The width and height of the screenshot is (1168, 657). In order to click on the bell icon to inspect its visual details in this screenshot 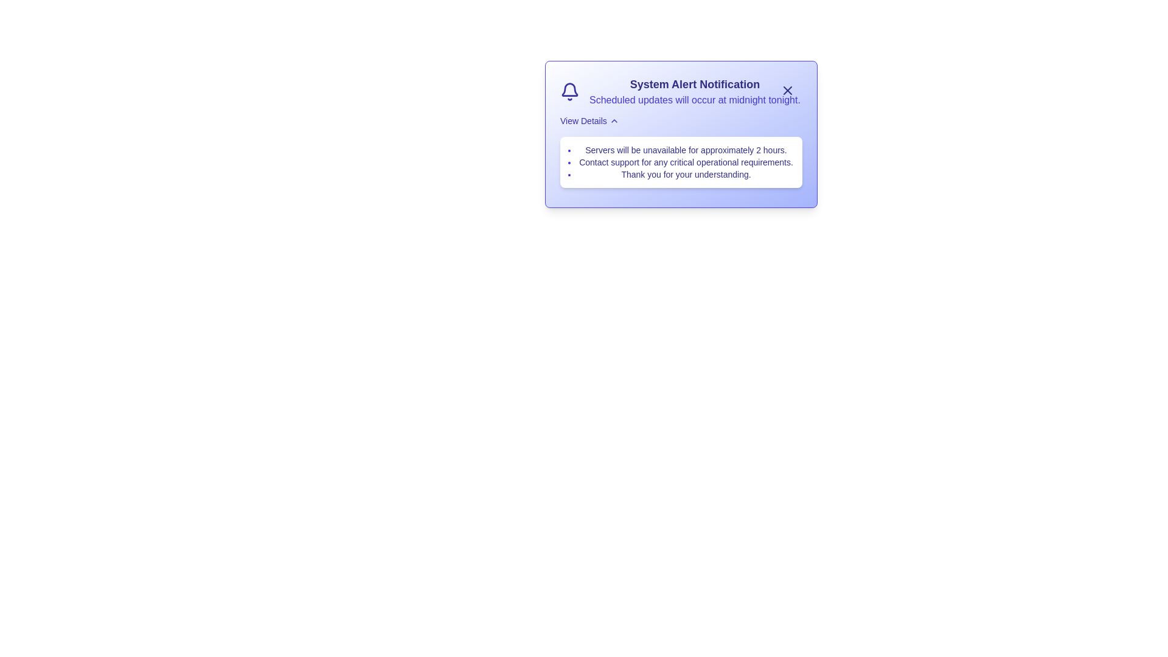, I will do `click(569, 91)`.